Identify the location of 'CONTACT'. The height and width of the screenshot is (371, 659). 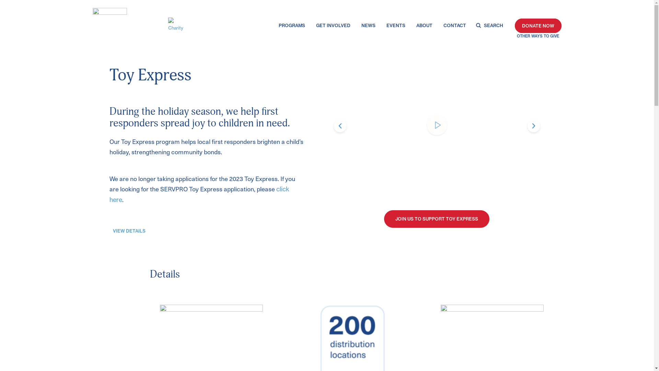
(454, 26).